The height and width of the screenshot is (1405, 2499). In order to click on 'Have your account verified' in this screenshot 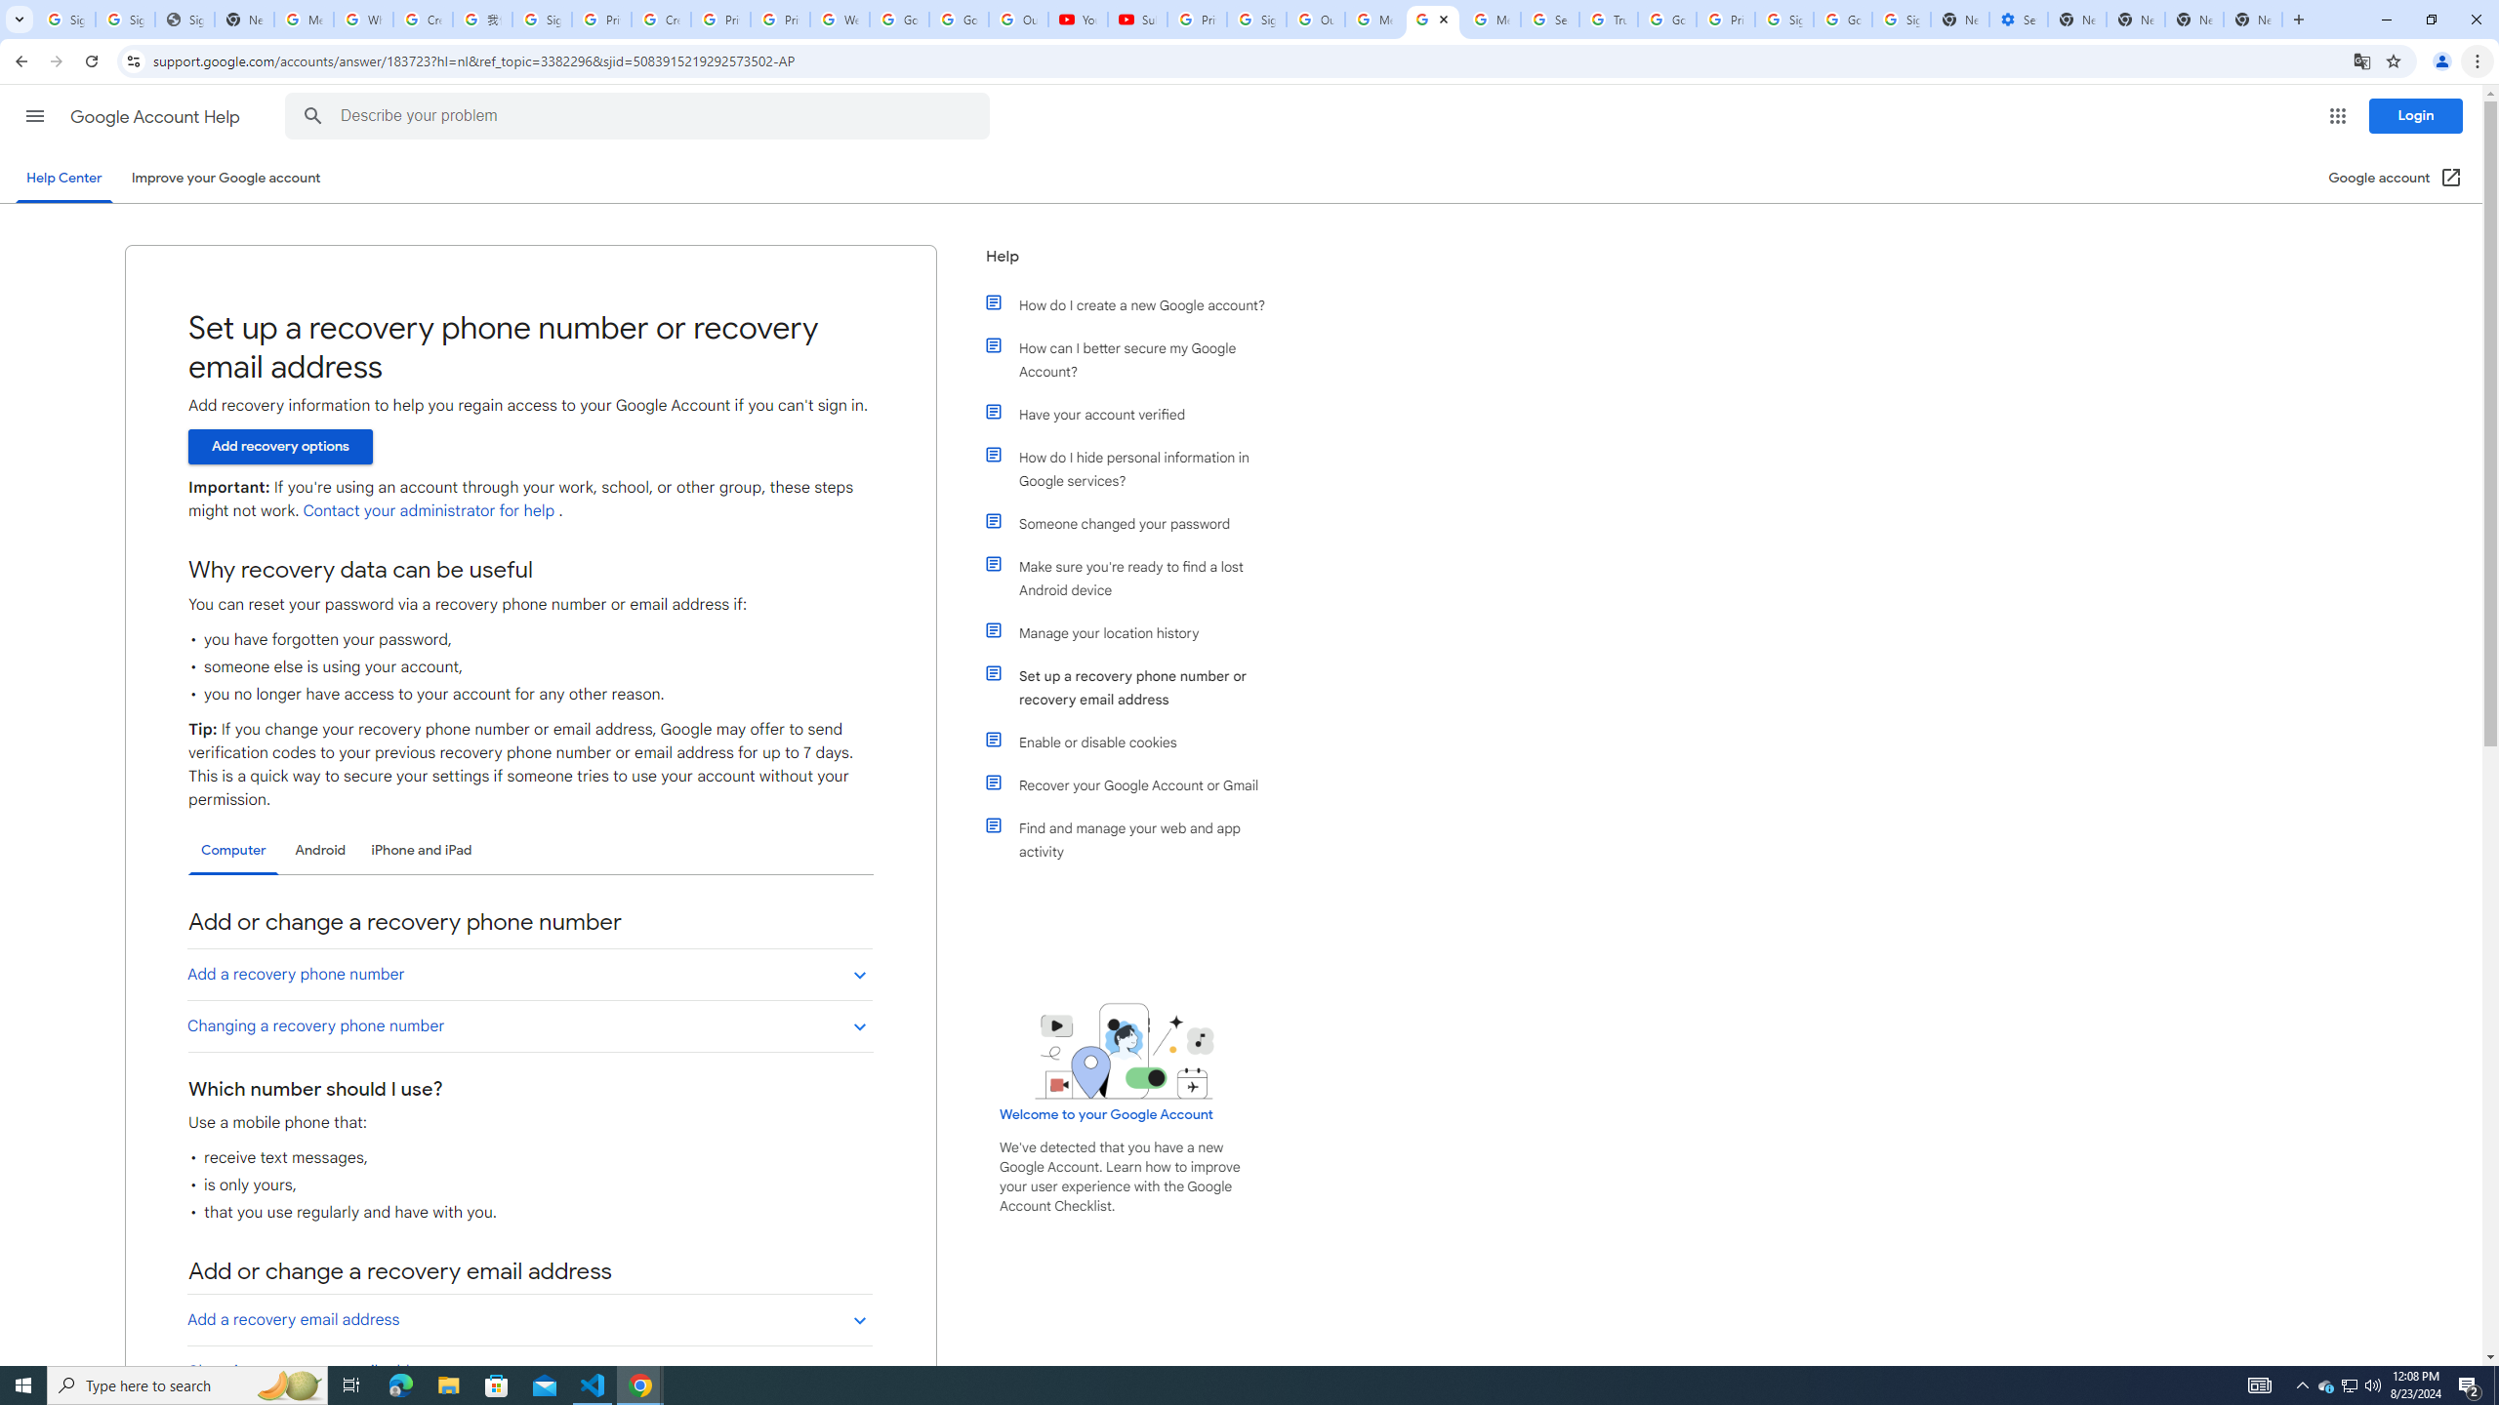, I will do `click(1134, 414)`.